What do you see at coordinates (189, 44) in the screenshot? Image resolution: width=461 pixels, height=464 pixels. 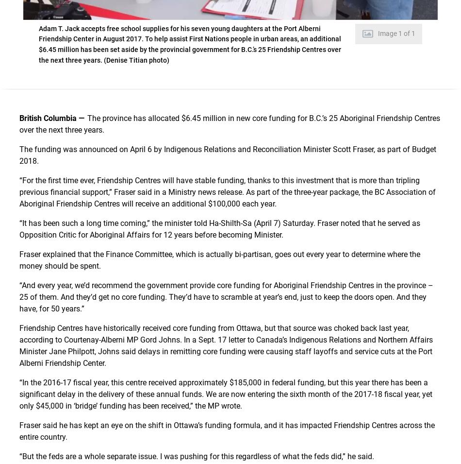 I see `'Adam T. Jack accepts free school supplies for his seven young daughters at the Port Alberni Friendship Center in August 2017. To help assist First Nations people in urban areas, an additional $6.45 million has been set aside by the provincial government for B.C.’s 25 Friendship Centres over the next three years. (Denise Titian photo)'` at bounding box center [189, 44].